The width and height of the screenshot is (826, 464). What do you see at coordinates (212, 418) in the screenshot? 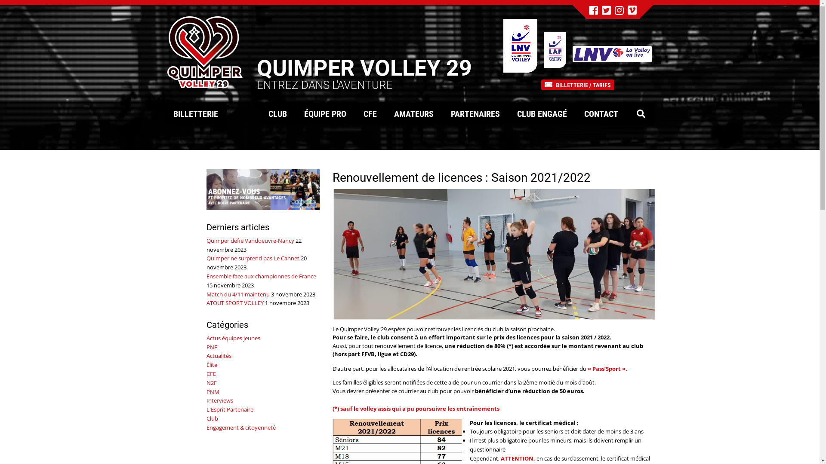
I see `'Club'` at bounding box center [212, 418].